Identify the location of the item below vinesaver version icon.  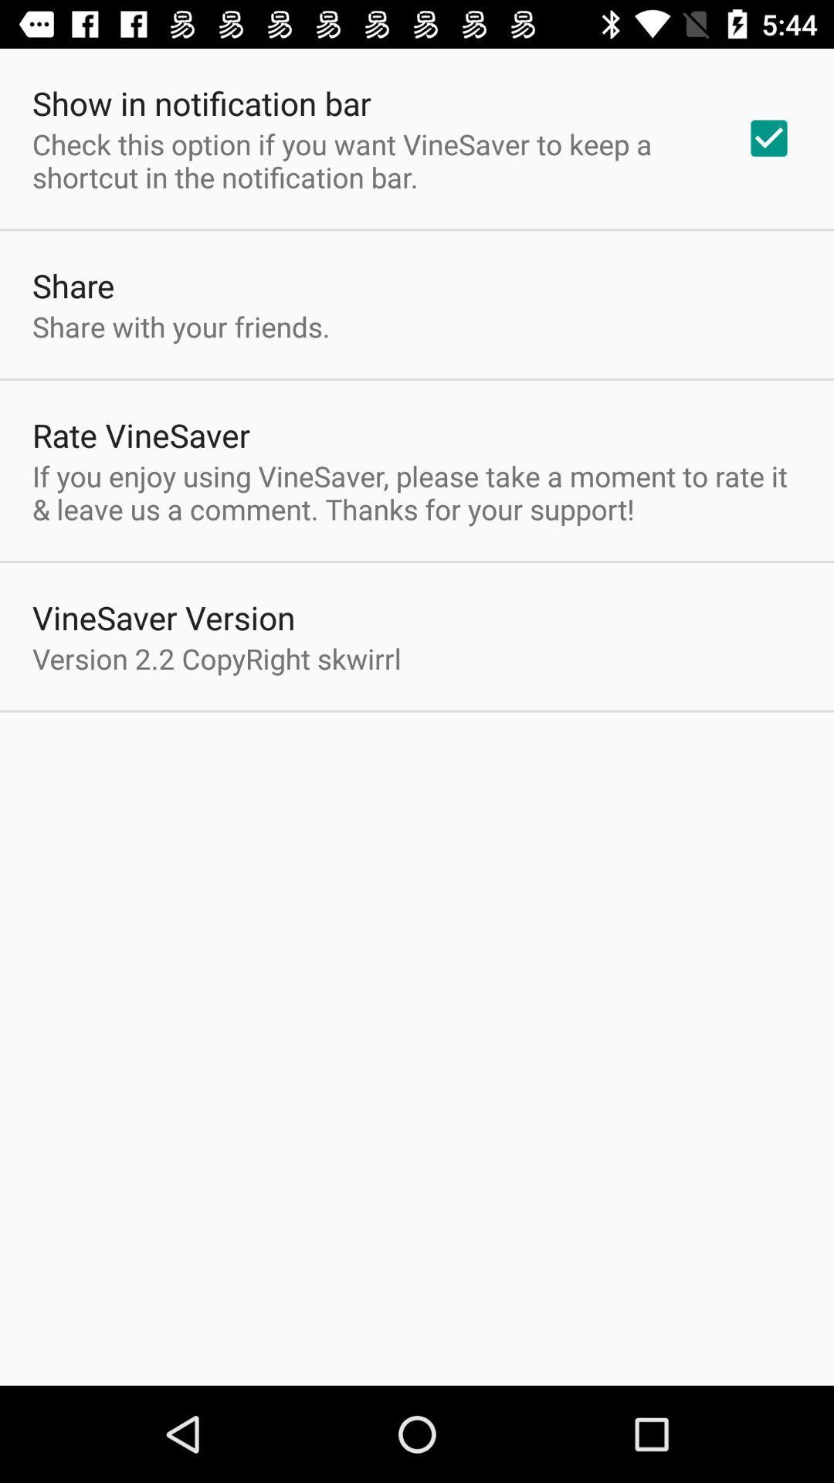
(216, 658).